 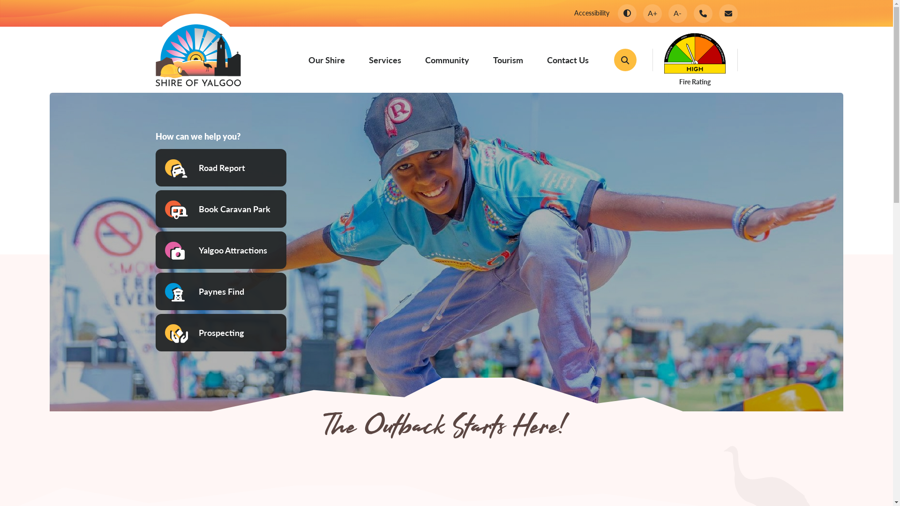 What do you see at coordinates (625, 60) in the screenshot?
I see `'Toggle the Wesbite Search'` at bounding box center [625, 60].